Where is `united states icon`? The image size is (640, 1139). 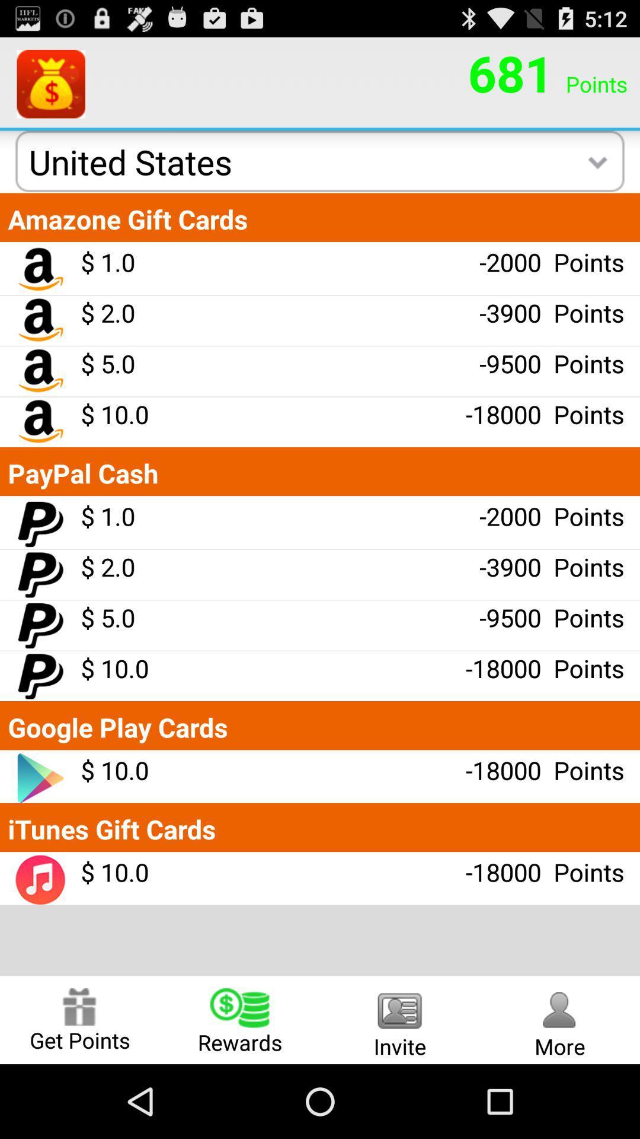 united states icon is located at coordinates (130, 161).